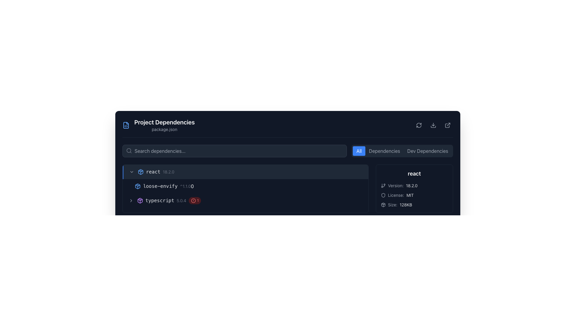 The width and height of the screenshot is (575, 323). Describe the element at coordinates (160, 201) in the screenshot. I see `text content of the text label displaying 'typescript' in a monospaced font, located to the right of a purple package icon and followed by the version number '5.0.4'` at that location.